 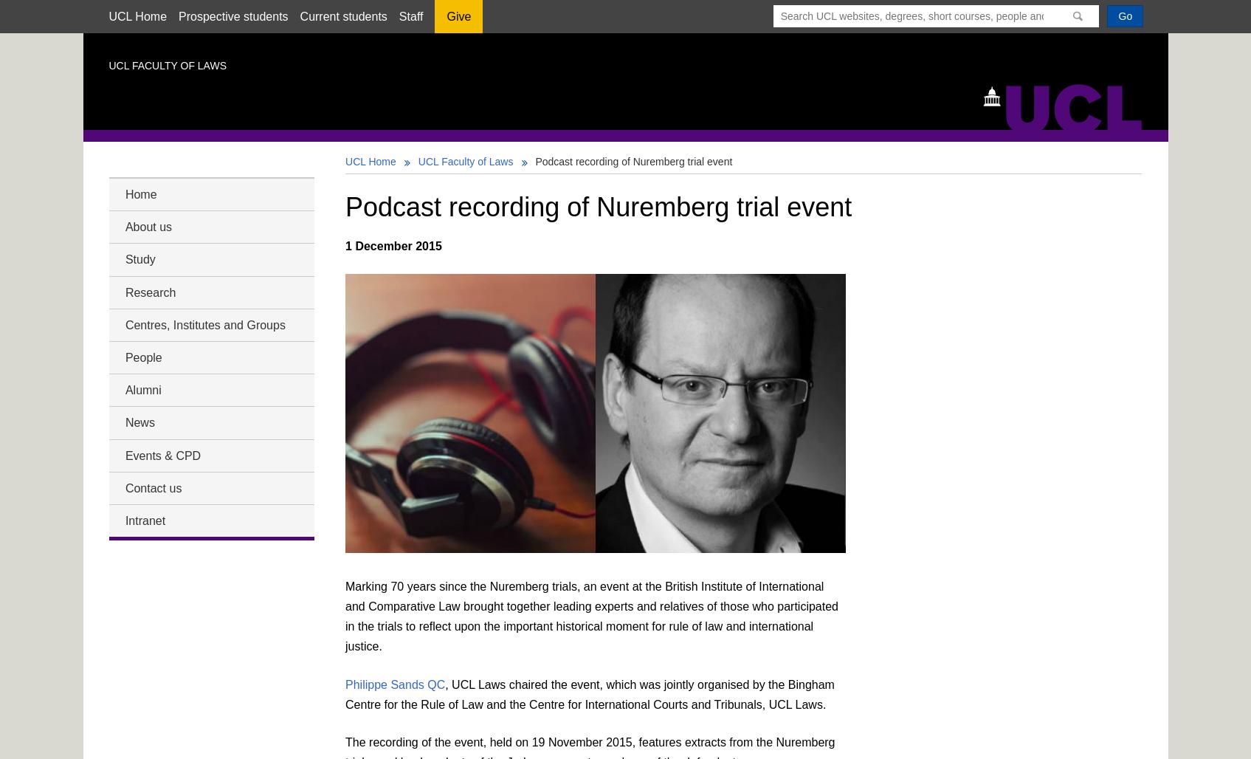 What do you see at coordinates (162, 454) in the screenshot?
I see `'Events & CPD'` at bounding box center [162, 454].